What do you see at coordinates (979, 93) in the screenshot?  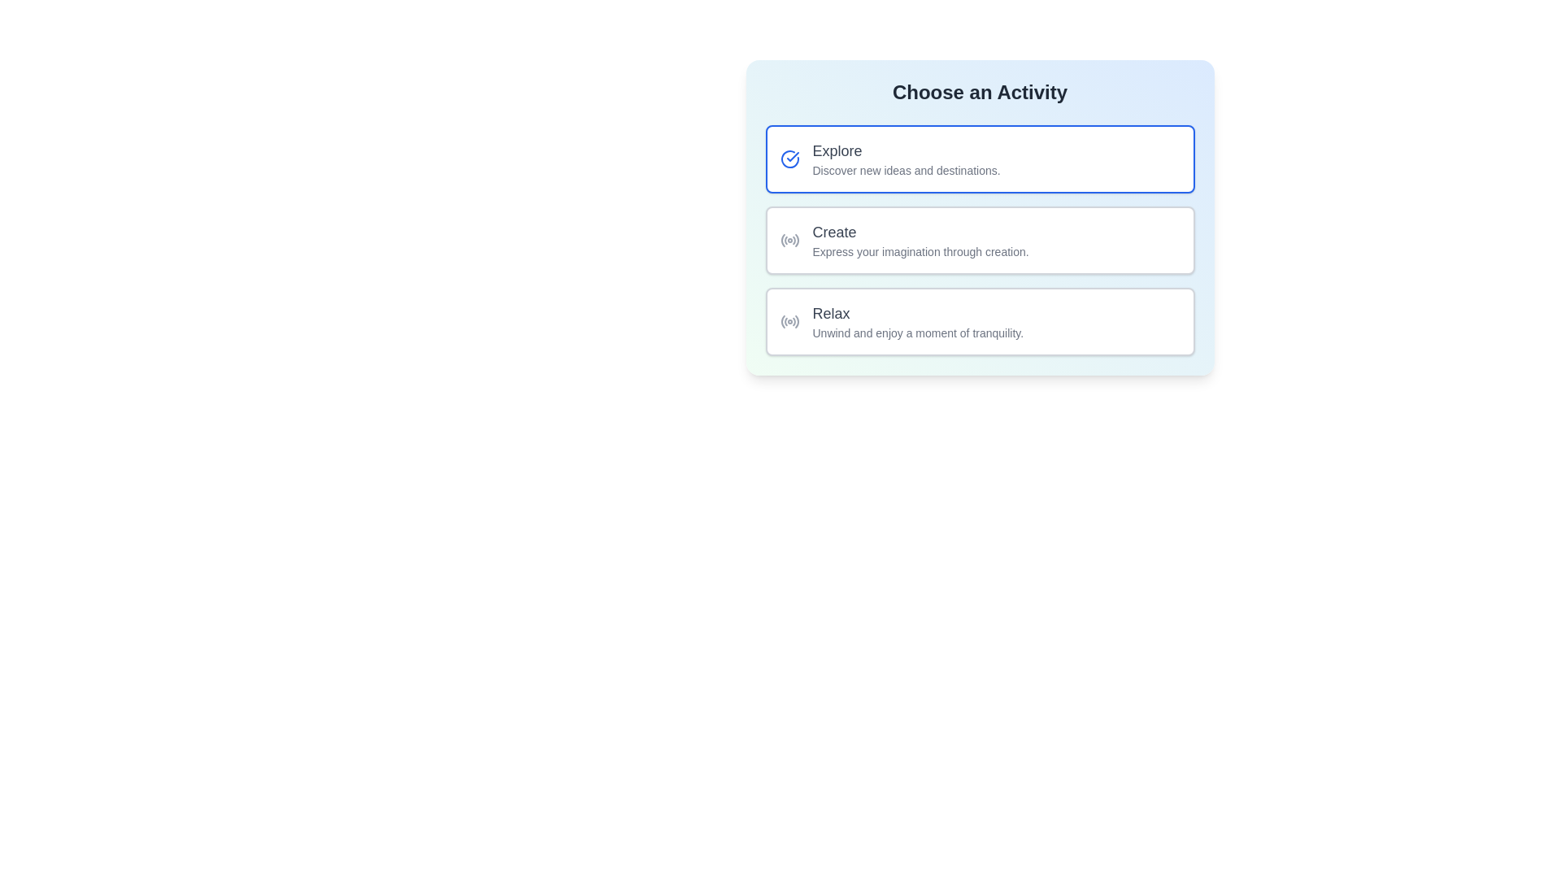 I see `the static text label or section header that presents the title for the activity selection, positioned above the options 'Explore', 'Create', and 'Relax'` at bounding box center [979, 93].